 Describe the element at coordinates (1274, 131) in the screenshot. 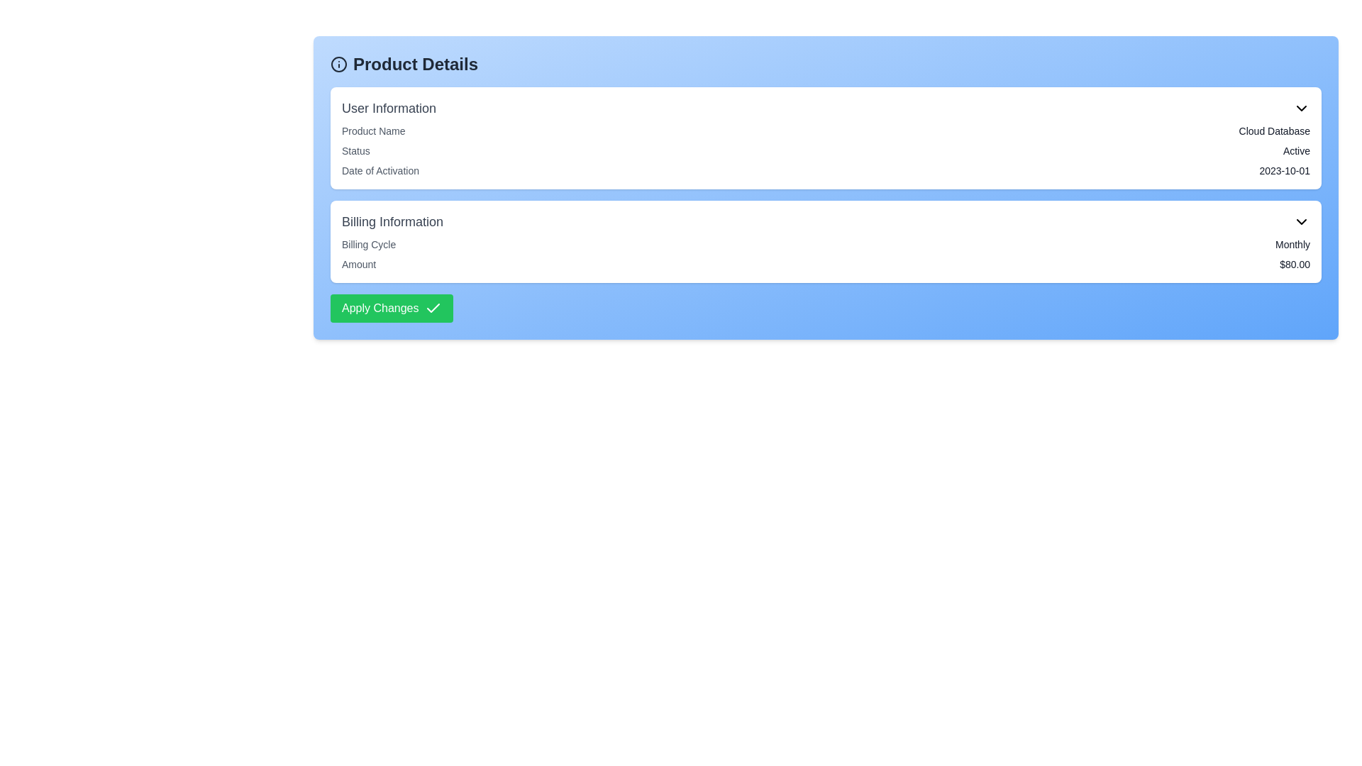

I see `the Text Label displaying 'Cloud Database', which is aligned to the right of 'Product Name' in the 'User Information' section under 'Product Details'` at that location.